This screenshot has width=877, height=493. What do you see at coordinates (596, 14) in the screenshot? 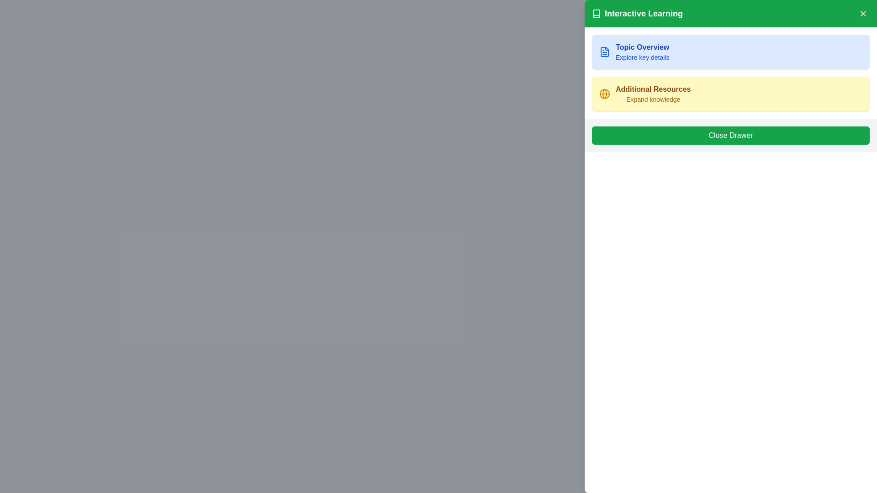
I see `the small monochrome book icon located to the left of the 'Interactive Learning' text in the top-left corner of the green header section` at bounding box center [596, 14].